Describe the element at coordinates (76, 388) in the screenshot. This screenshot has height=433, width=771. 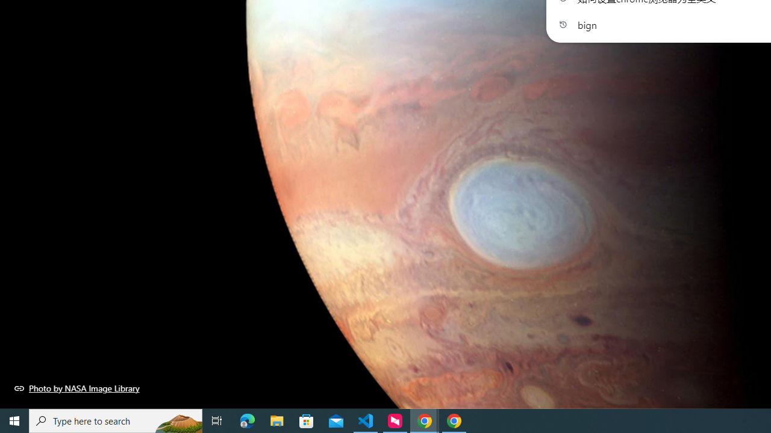
I see `'Photo by NASA Image Library'` at that location.